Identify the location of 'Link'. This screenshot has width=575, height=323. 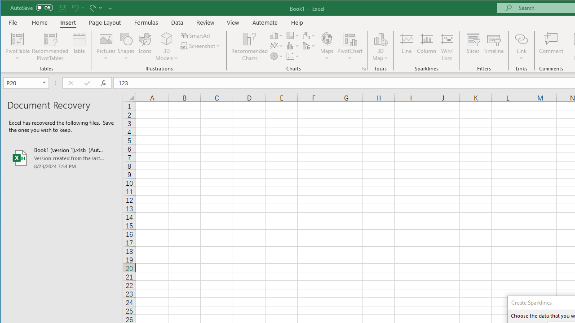
(521, 47).